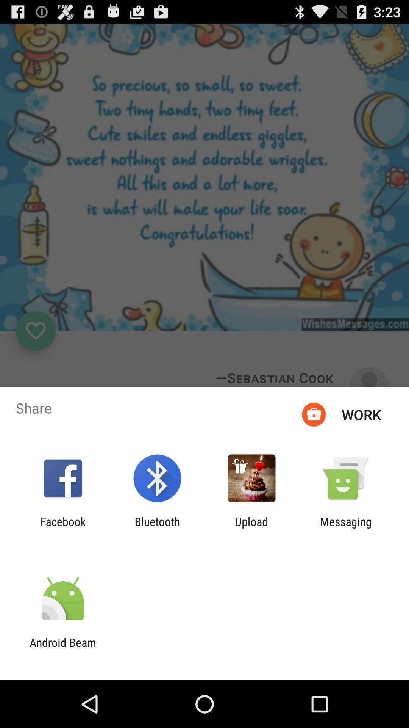 Image resolution: width=409 pixels, height=728 pixels. I want to click on icon next to upload icon, so click(157, 528).